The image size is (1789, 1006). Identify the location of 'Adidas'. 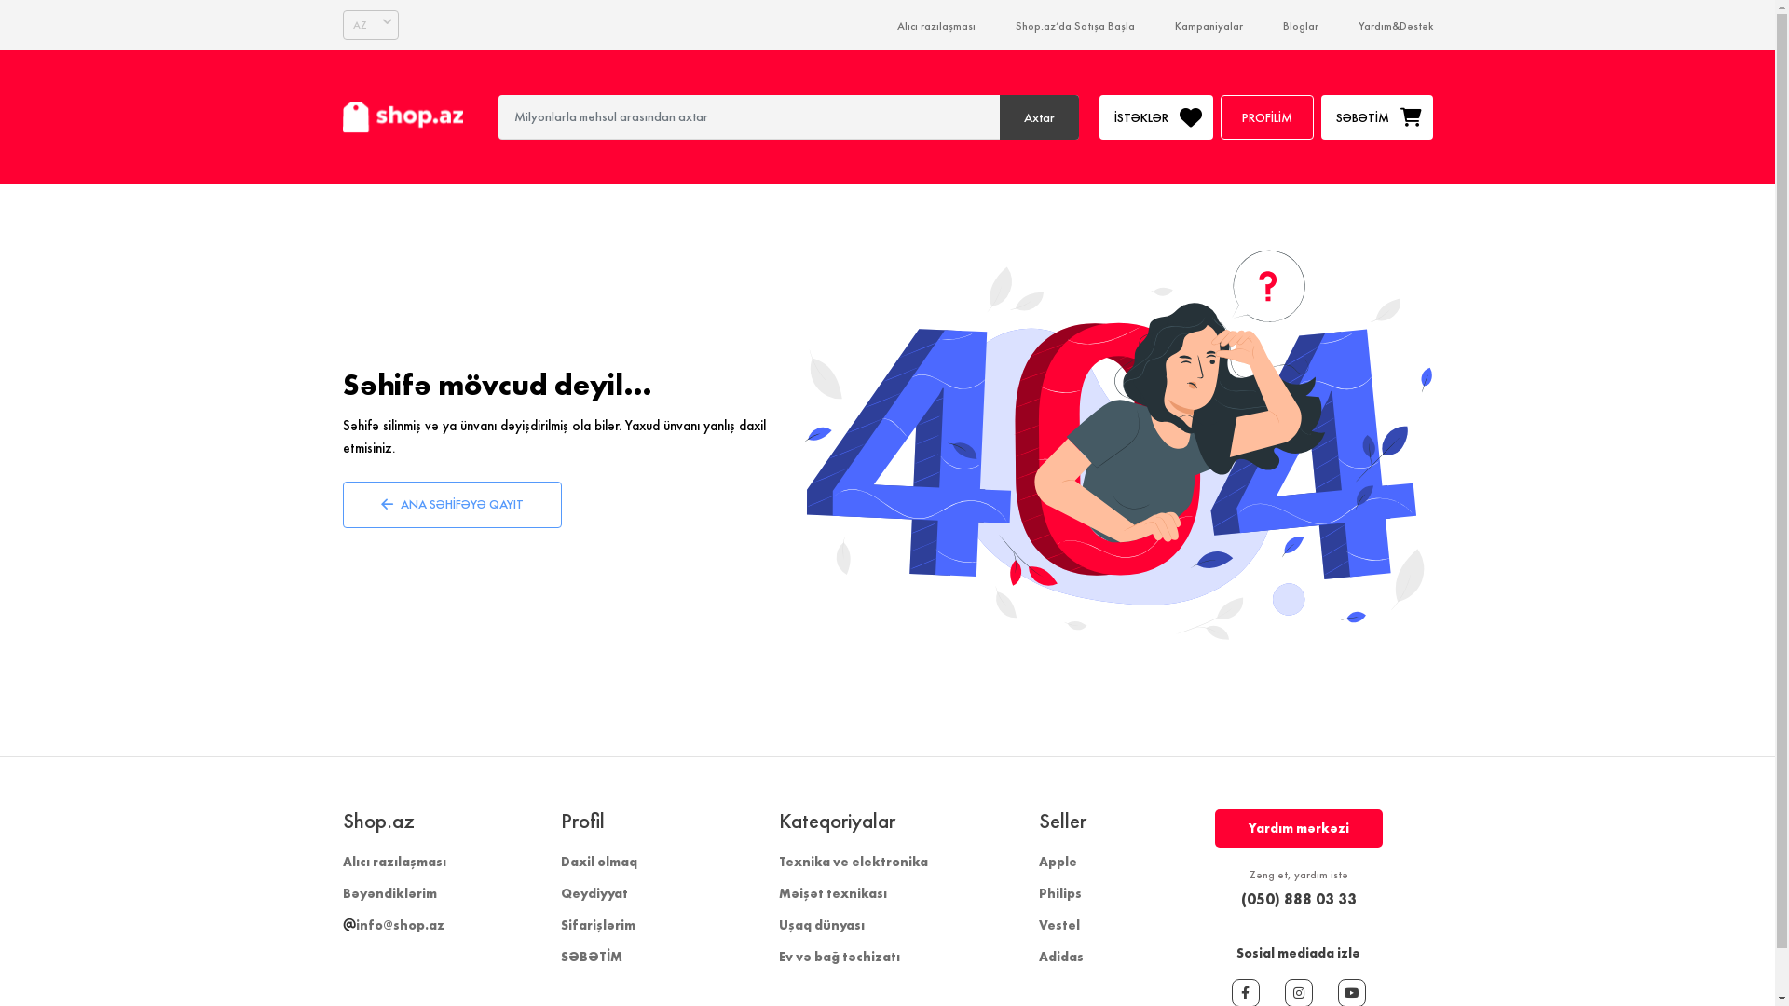
(1059, 956).